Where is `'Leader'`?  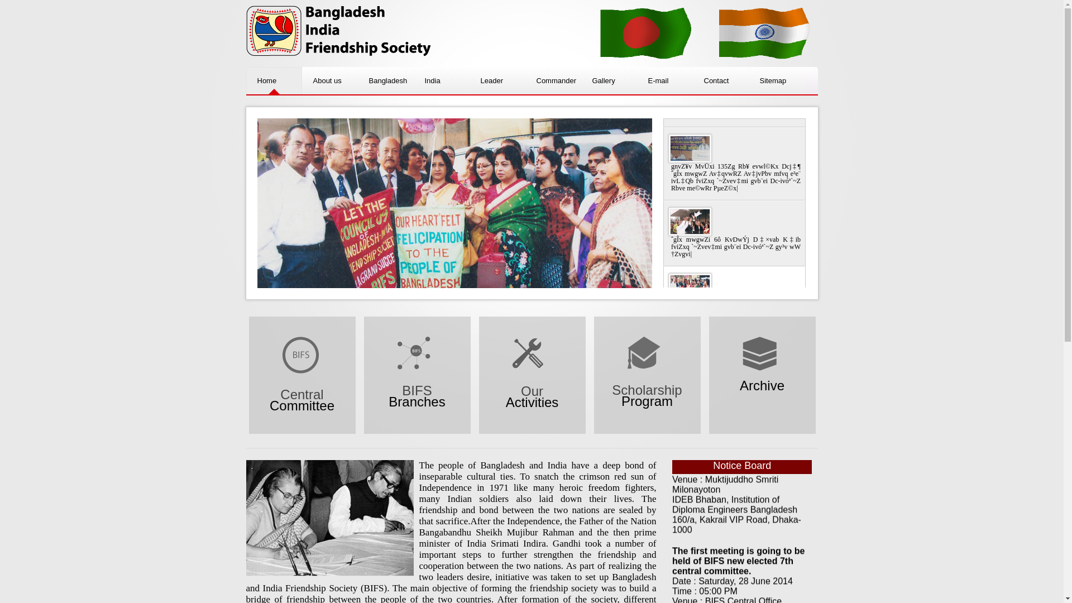 'Leader' is located at coordinates (496, 80).